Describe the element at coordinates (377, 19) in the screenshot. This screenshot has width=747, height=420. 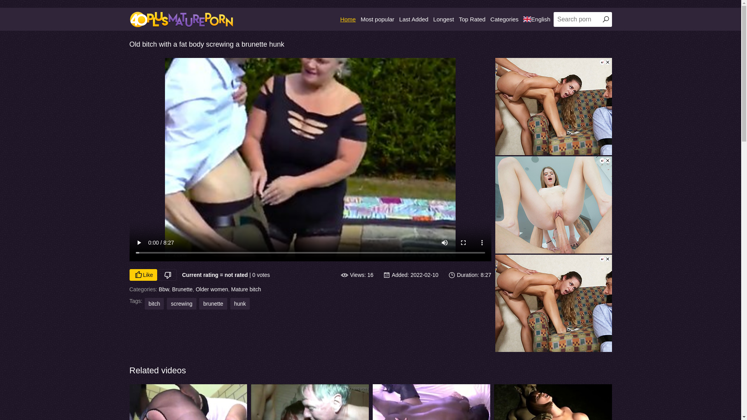
I see `'Most popular'` at that location.